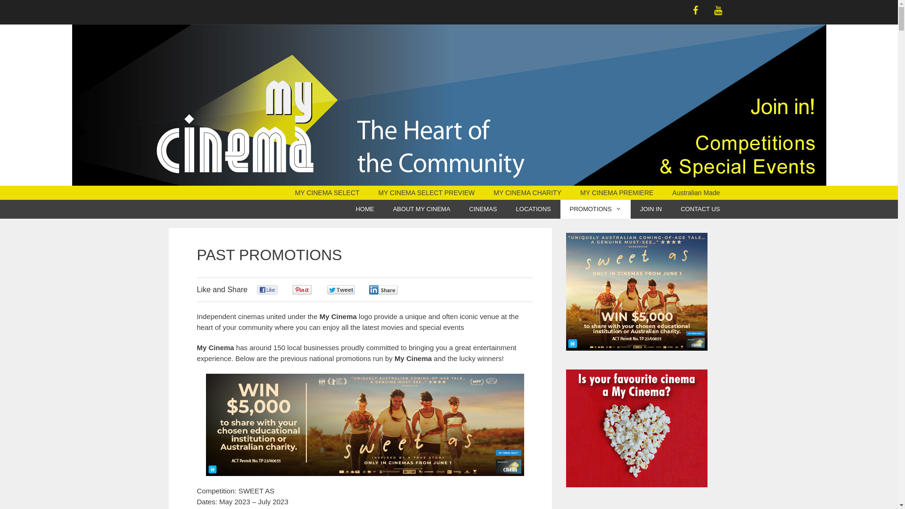  What do you see at coordinates (595, 208) in the screenshot?
I see `'PROMOTIONS'` at bounding box center [595, 208].